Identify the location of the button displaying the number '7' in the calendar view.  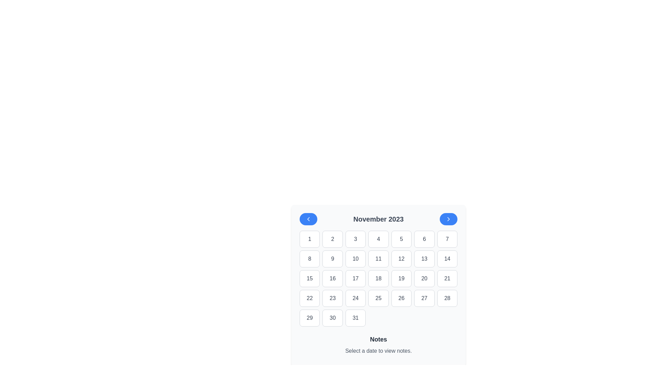
(447, 239).